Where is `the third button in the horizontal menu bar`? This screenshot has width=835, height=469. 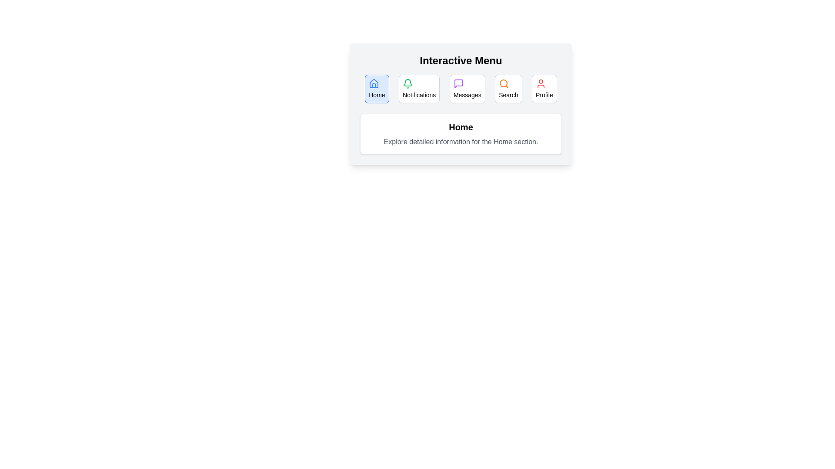 the third button in the horizontal menu bar is located at coordinates (467, 89).